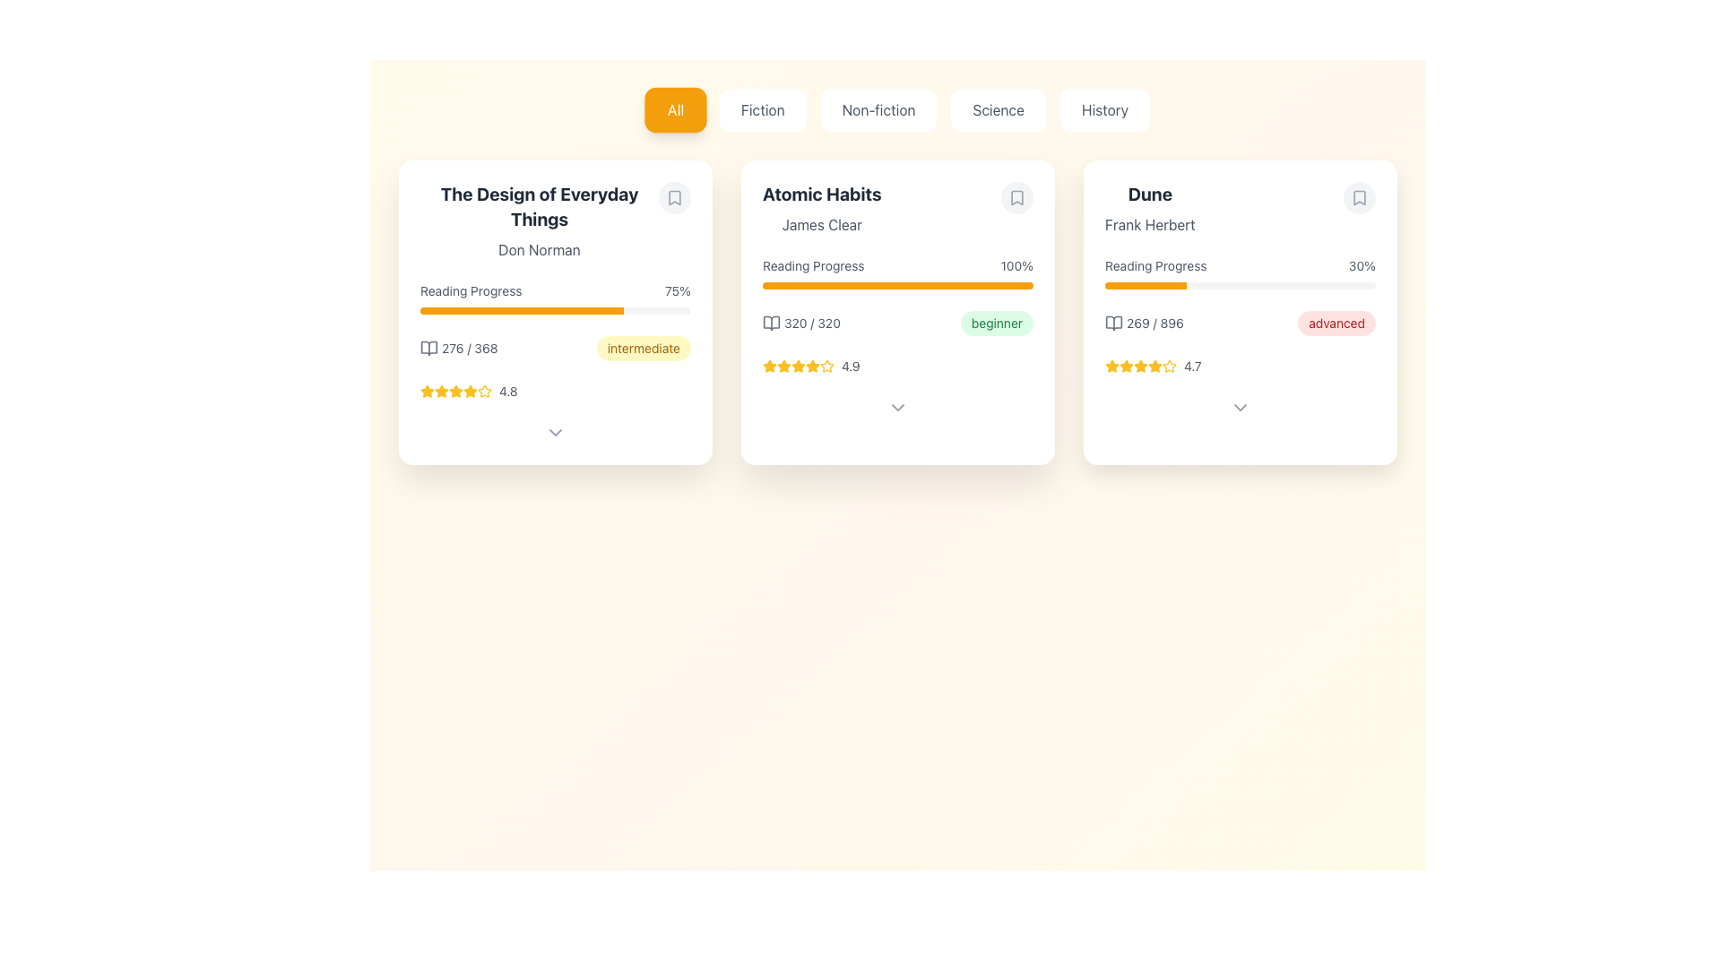  I want to click on text label displaying '75%' which is styled in dark gray against a light background, positioned to the right of the 'Reading Progress' text in the card titled 'The Design of Everyday Things', so click(677, 290).